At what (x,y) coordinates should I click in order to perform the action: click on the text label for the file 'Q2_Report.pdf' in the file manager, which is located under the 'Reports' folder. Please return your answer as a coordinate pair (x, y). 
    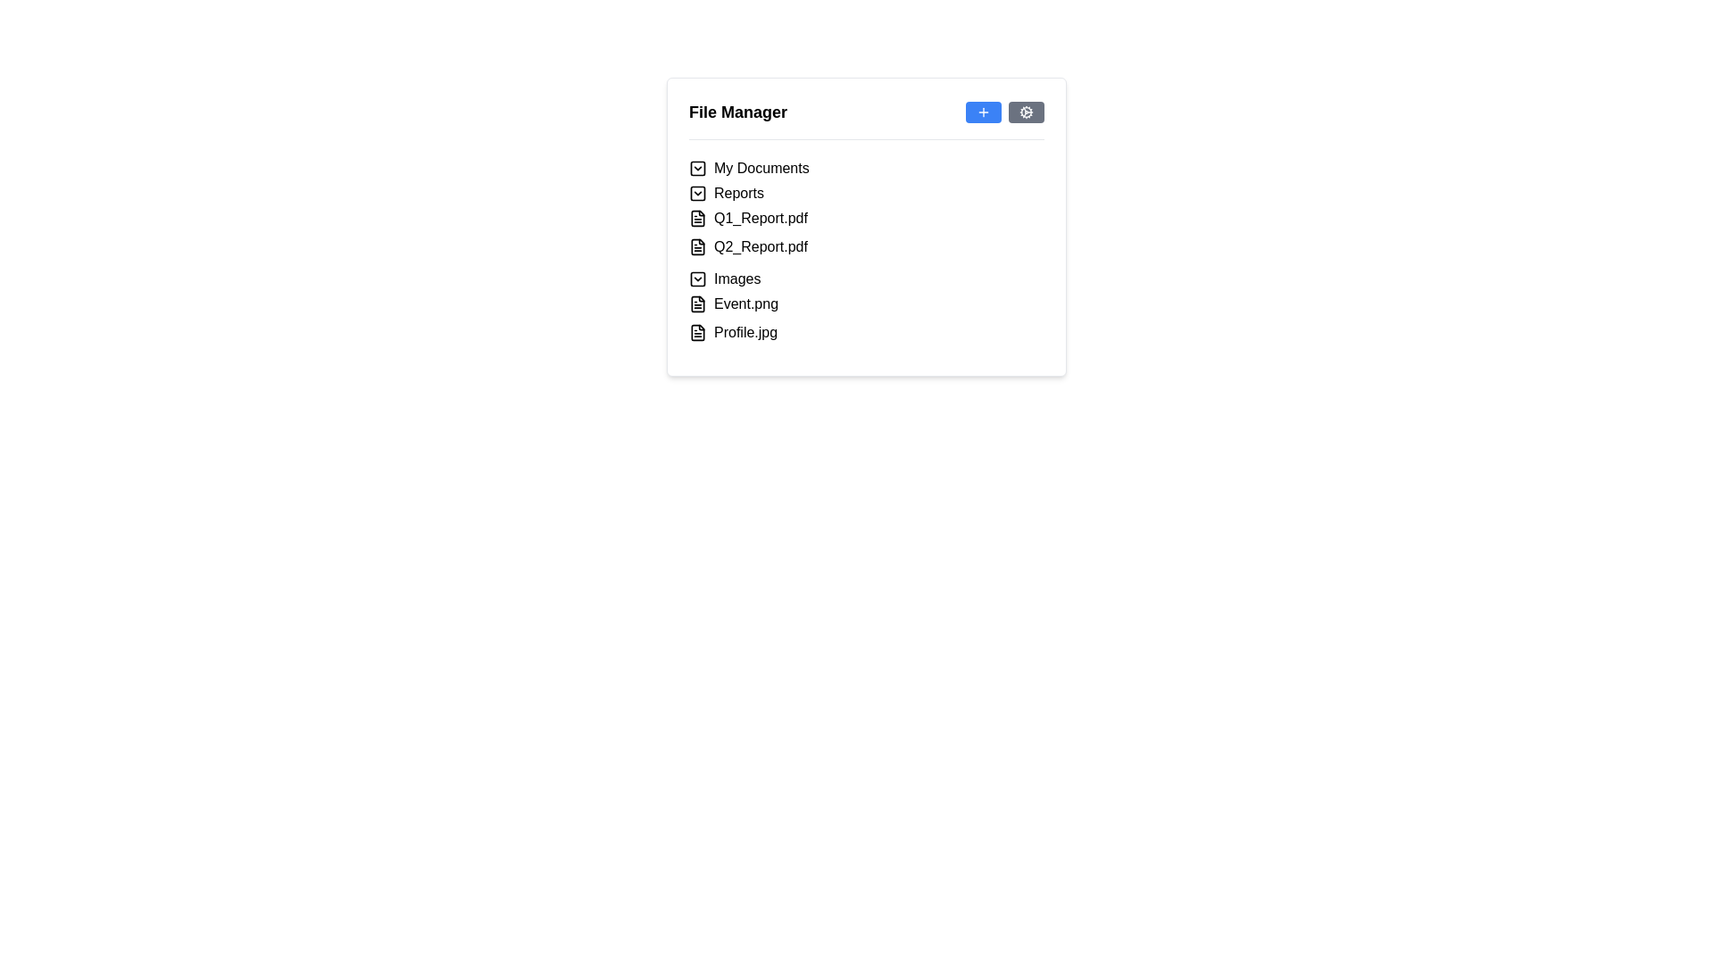
    Looking at the image, I should click on (761, 247).